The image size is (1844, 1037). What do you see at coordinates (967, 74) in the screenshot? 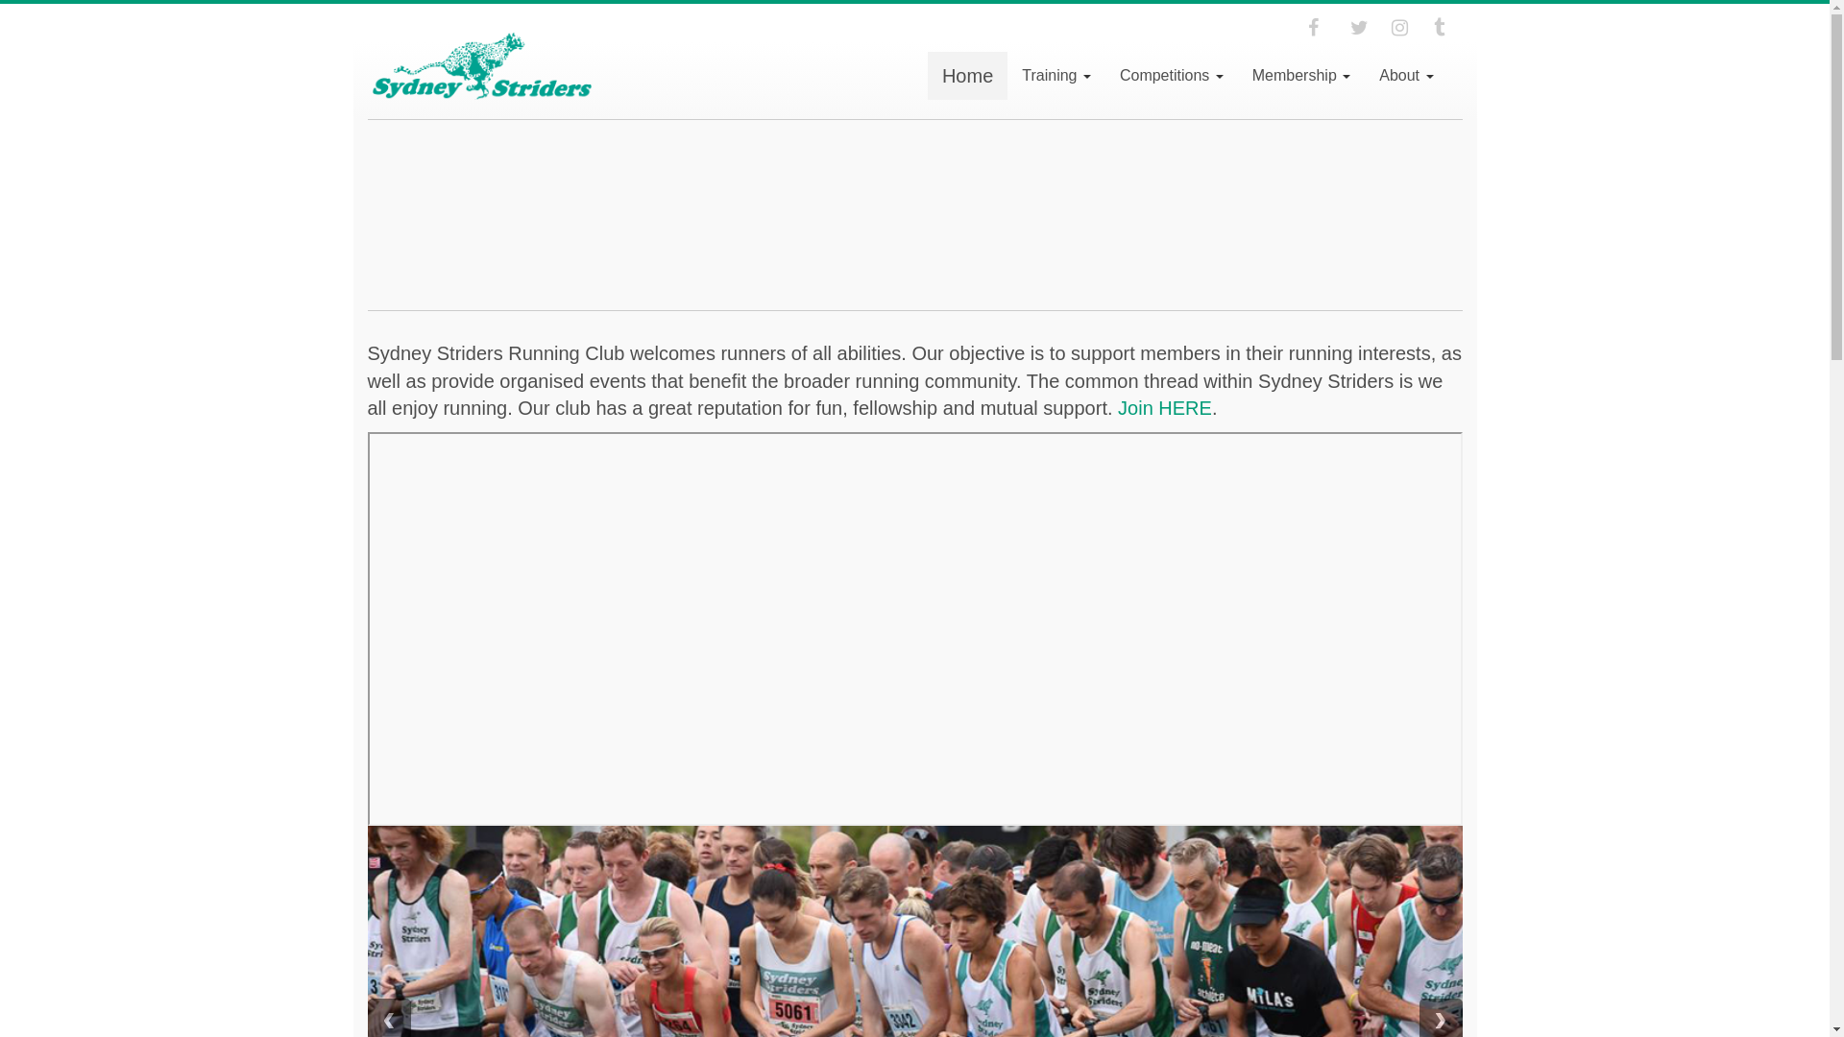
I see `'Home'` at bounding box center [967, 74].